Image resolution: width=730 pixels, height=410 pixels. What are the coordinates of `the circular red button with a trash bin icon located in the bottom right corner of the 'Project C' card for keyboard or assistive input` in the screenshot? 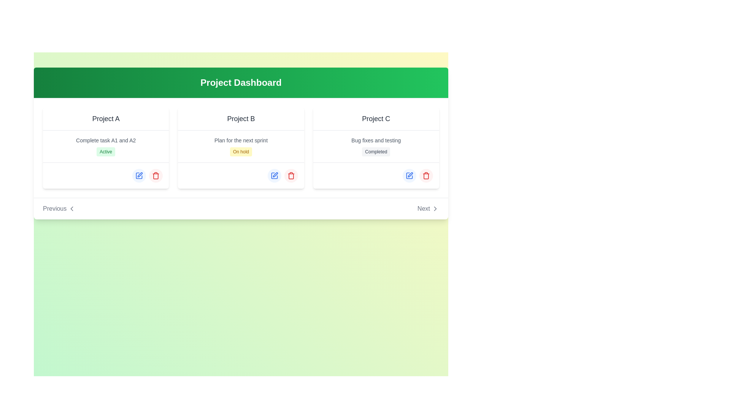 It's located at (426, 175).